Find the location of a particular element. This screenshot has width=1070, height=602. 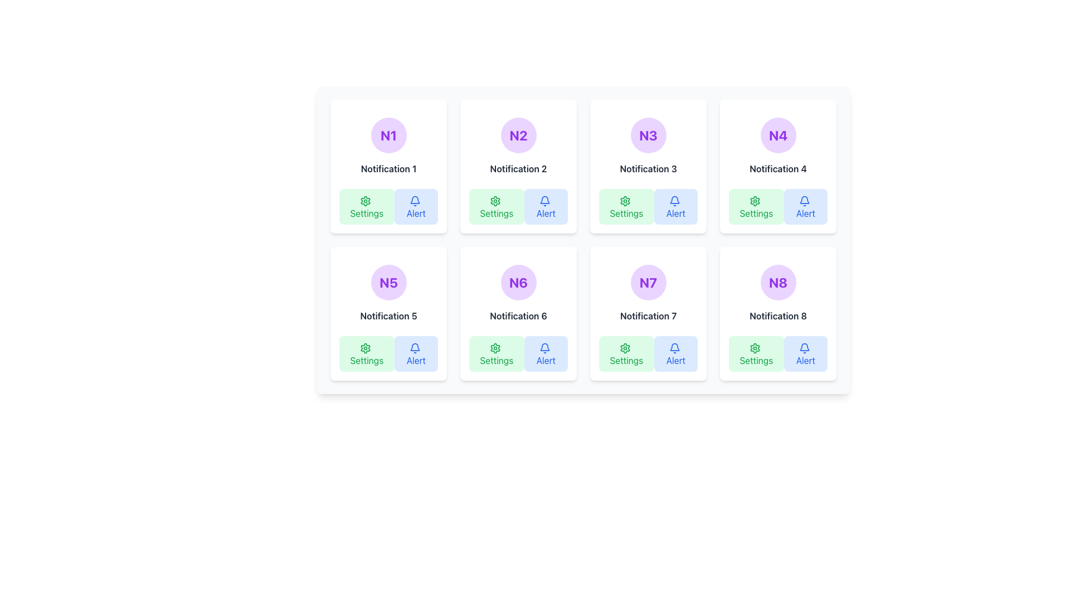

the gear icon located in the green 'Settings' button, which is the fourth card in the first row is located at coordinates (755, 201).